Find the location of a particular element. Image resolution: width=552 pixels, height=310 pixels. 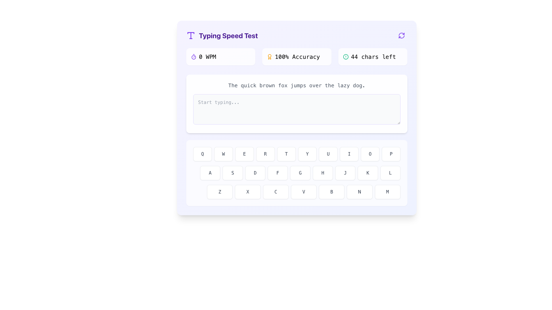

the square button with rounded corners that has a white background and the letter 'M' in dark gray, located at the far right of the bottom-most row of the keyboard layout is located at coordinates (388, 192).